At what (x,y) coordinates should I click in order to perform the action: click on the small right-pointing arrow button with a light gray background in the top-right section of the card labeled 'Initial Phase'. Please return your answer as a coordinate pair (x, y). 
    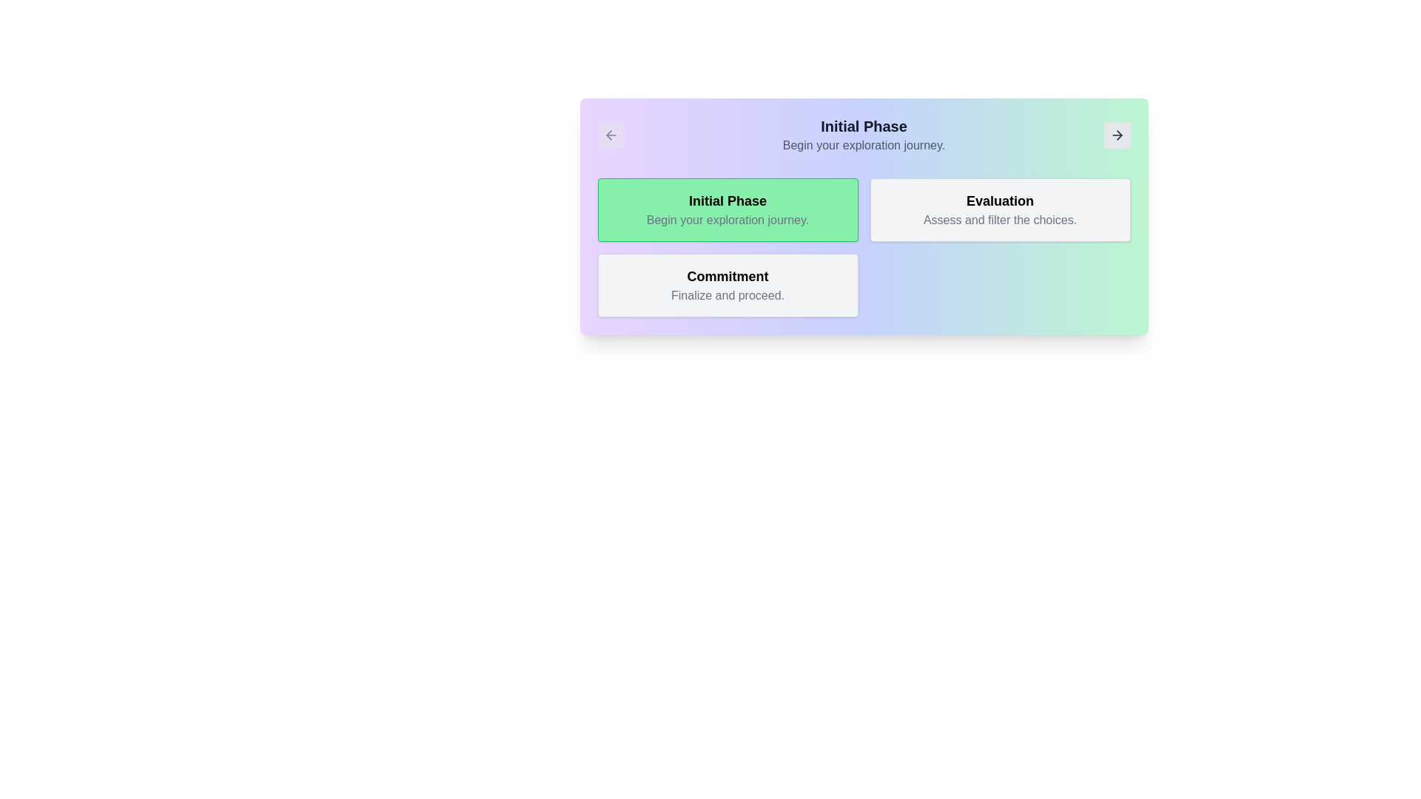
    Looking at the image, I should click on (1117, 135).